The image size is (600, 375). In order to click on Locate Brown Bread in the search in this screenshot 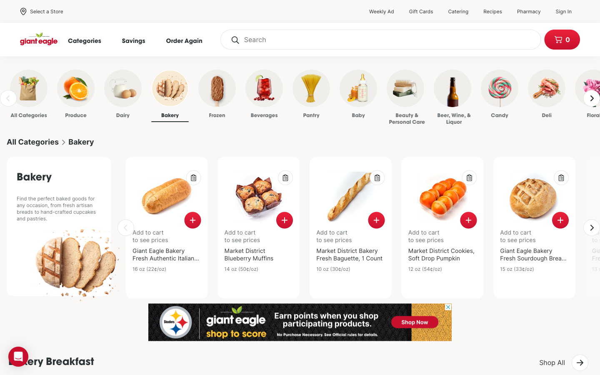, I will do `click(380, 39)`.